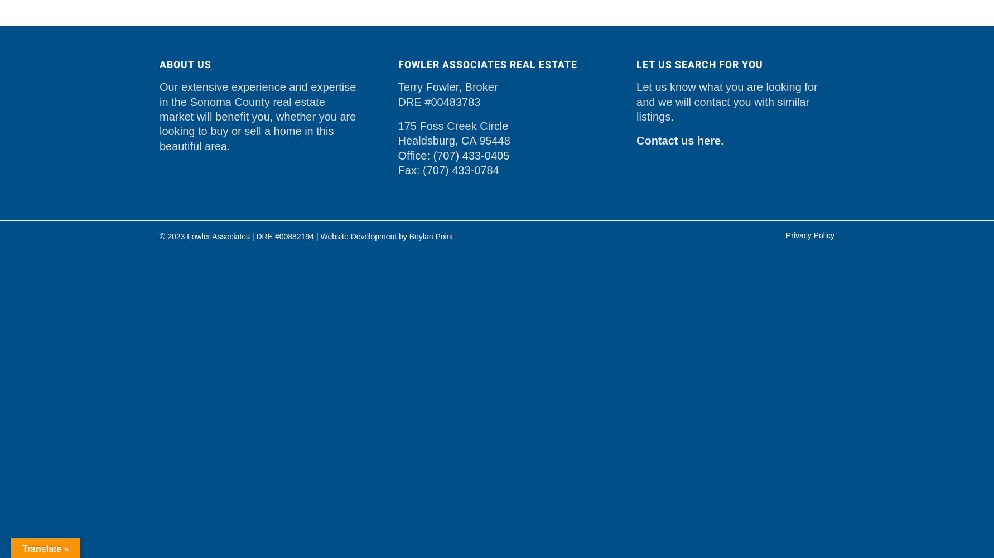  What do you see at coordinates (397, 64) in the screenshot?
I see `'Fowler Associates Real Estate'` at bounding box center [397, 64].